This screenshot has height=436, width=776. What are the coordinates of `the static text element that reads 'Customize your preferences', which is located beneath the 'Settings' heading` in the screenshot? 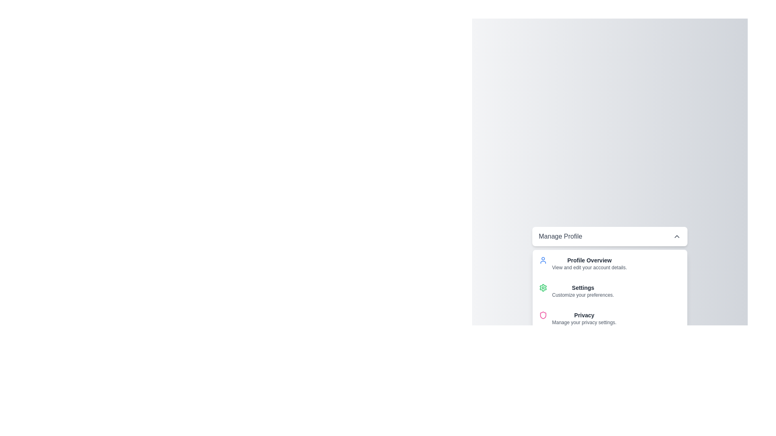 It's located at (583, 295).